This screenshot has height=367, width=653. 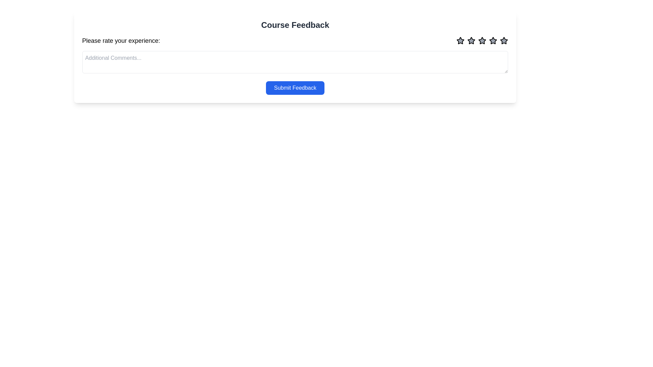 I want to click on the fifth star in the five-star rating system, which is styled with a gray fill and black outline, located at the top-right corner of the interface, so click(x=504, y=40).